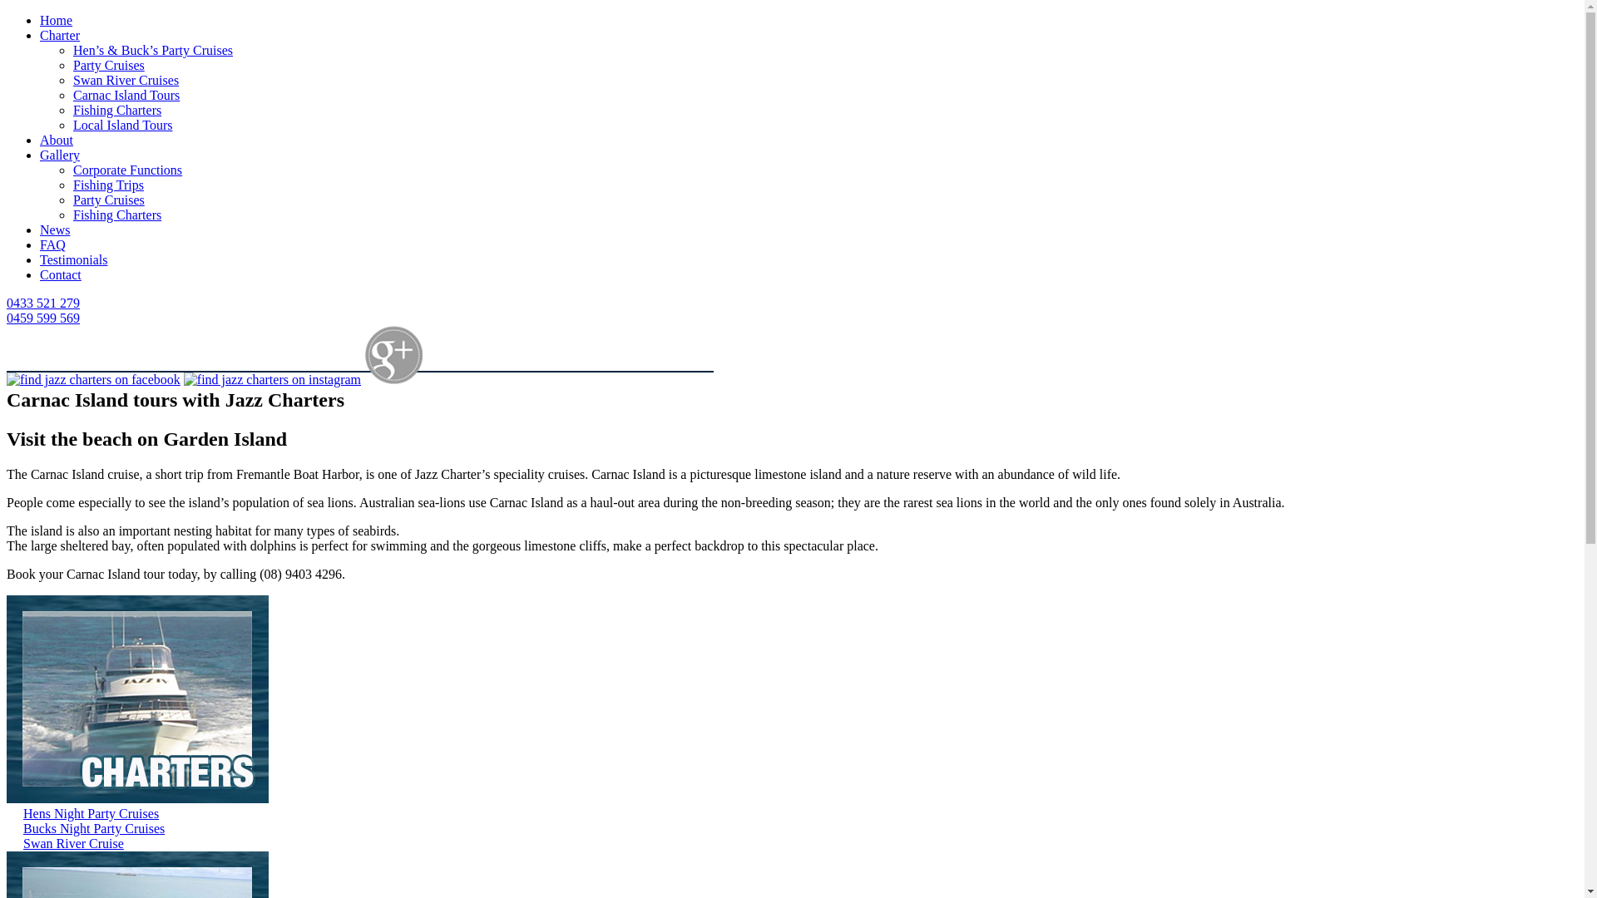 This screenshot has width=1597, height=898. Describe the element at coordinates (40, 20) in the screenshot. I see `'Home'` at that location.